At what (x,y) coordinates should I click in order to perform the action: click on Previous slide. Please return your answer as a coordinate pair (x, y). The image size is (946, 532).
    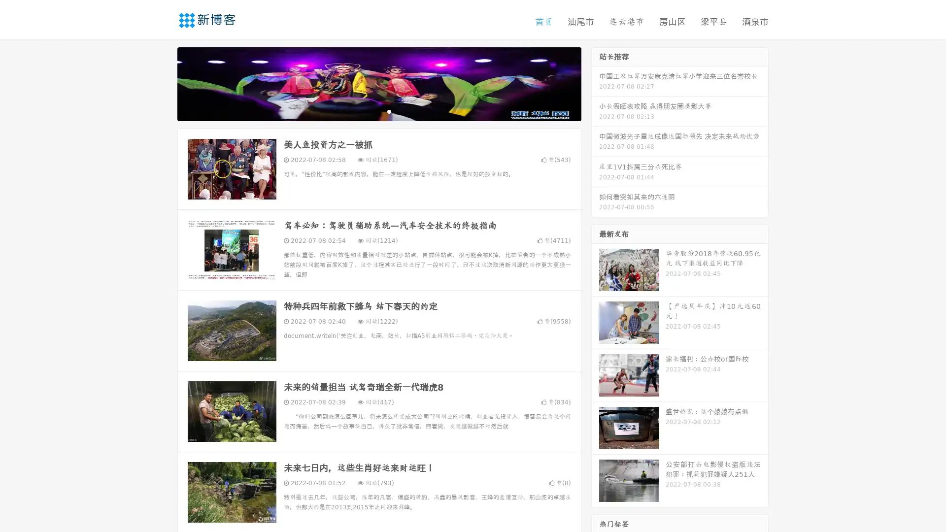
    Looking at the image, I should click on (163, 83).